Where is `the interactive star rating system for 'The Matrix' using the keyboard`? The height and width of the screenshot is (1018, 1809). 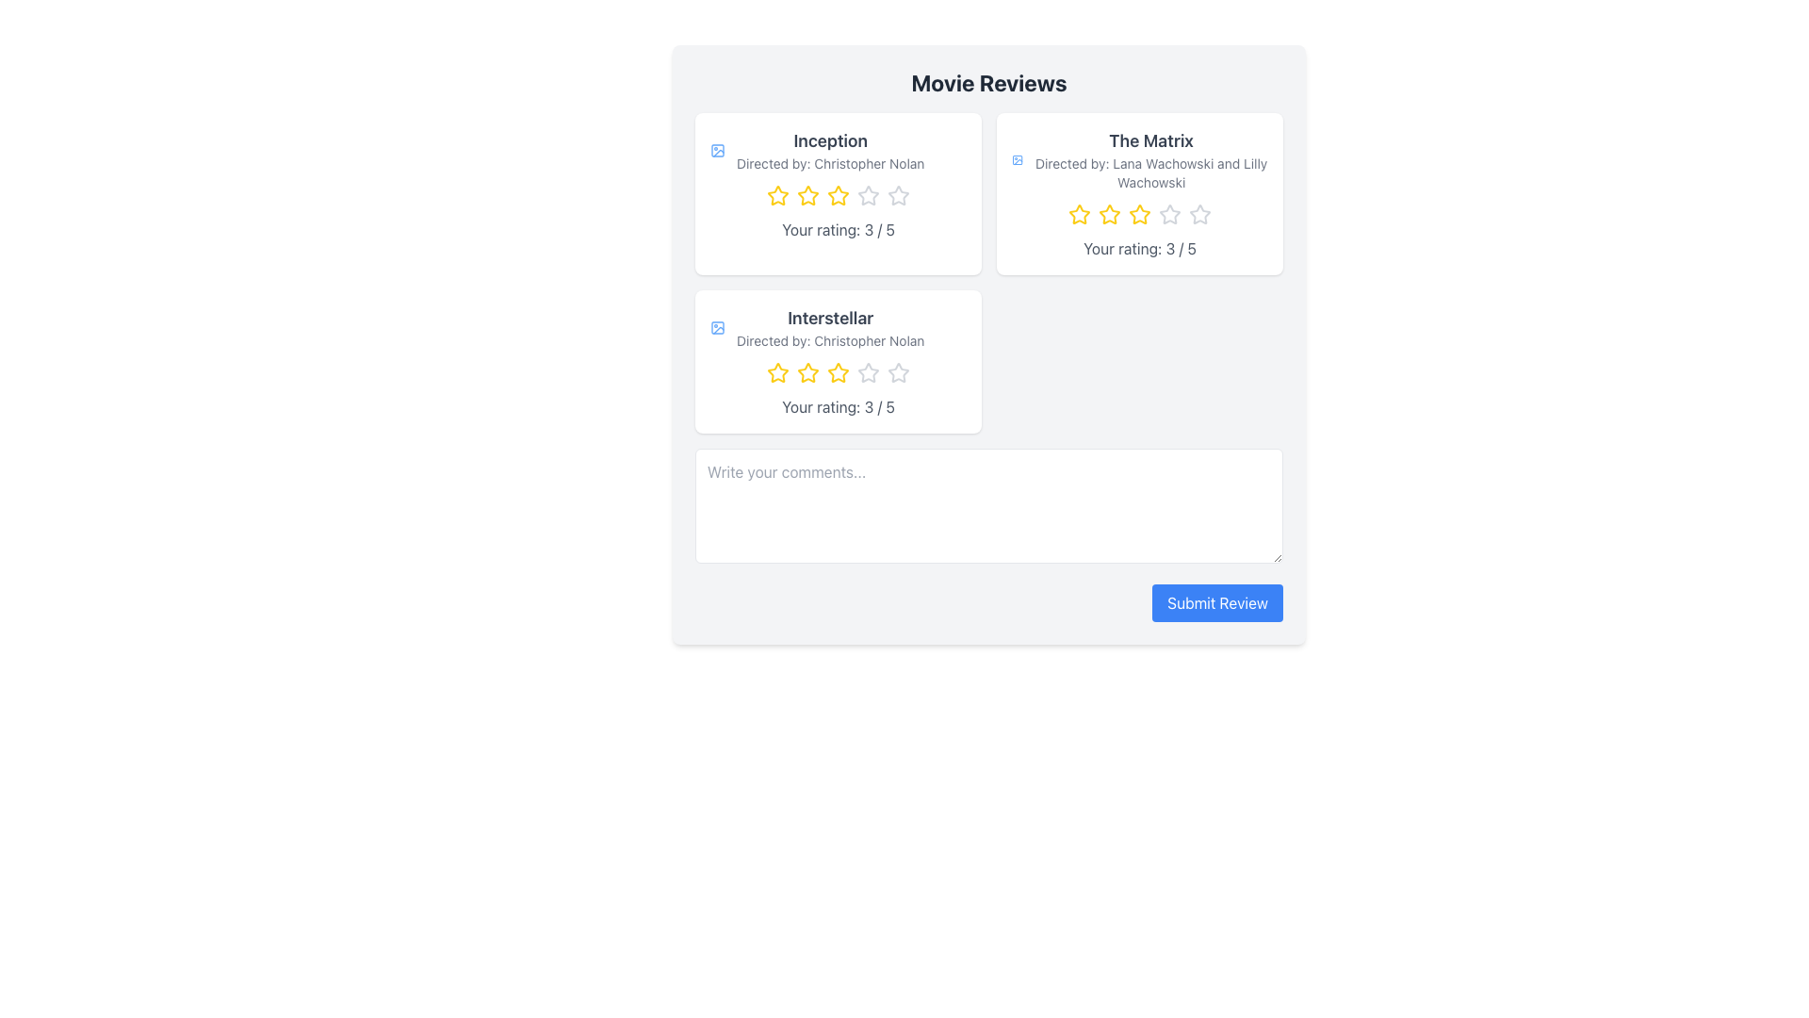 the interactive star rating system for 'The Matrix' using the keyboard is located at coordinates (1138, 213).